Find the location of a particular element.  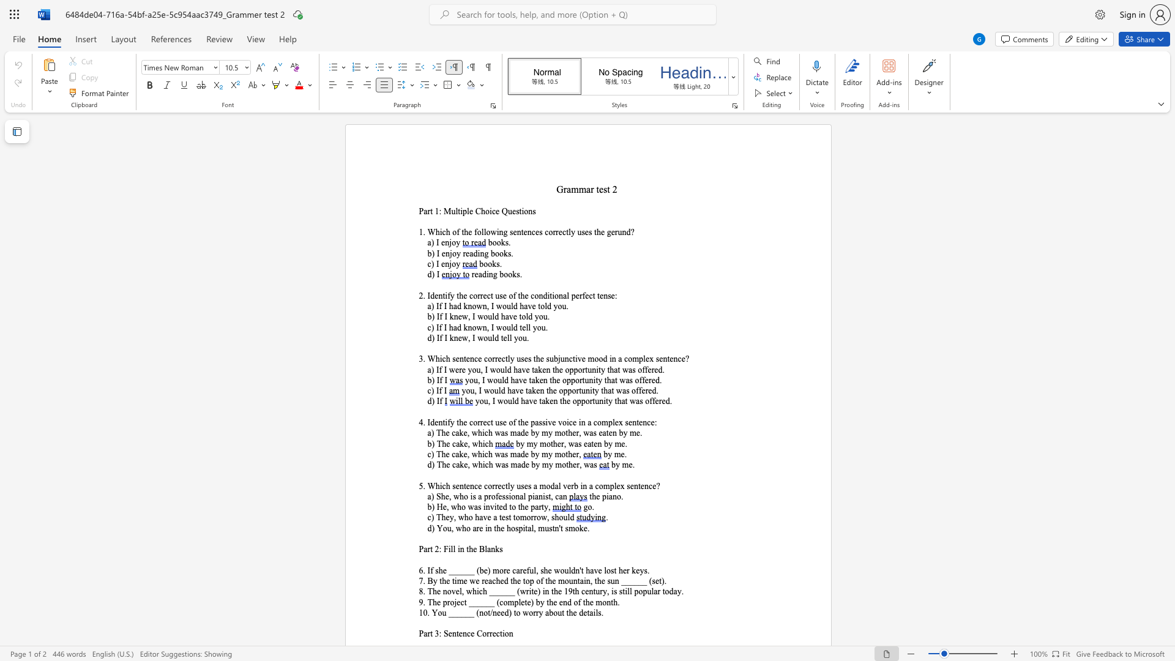

the space between the continuous character "o" and "n" in the text is located at coordinates (509, 633).